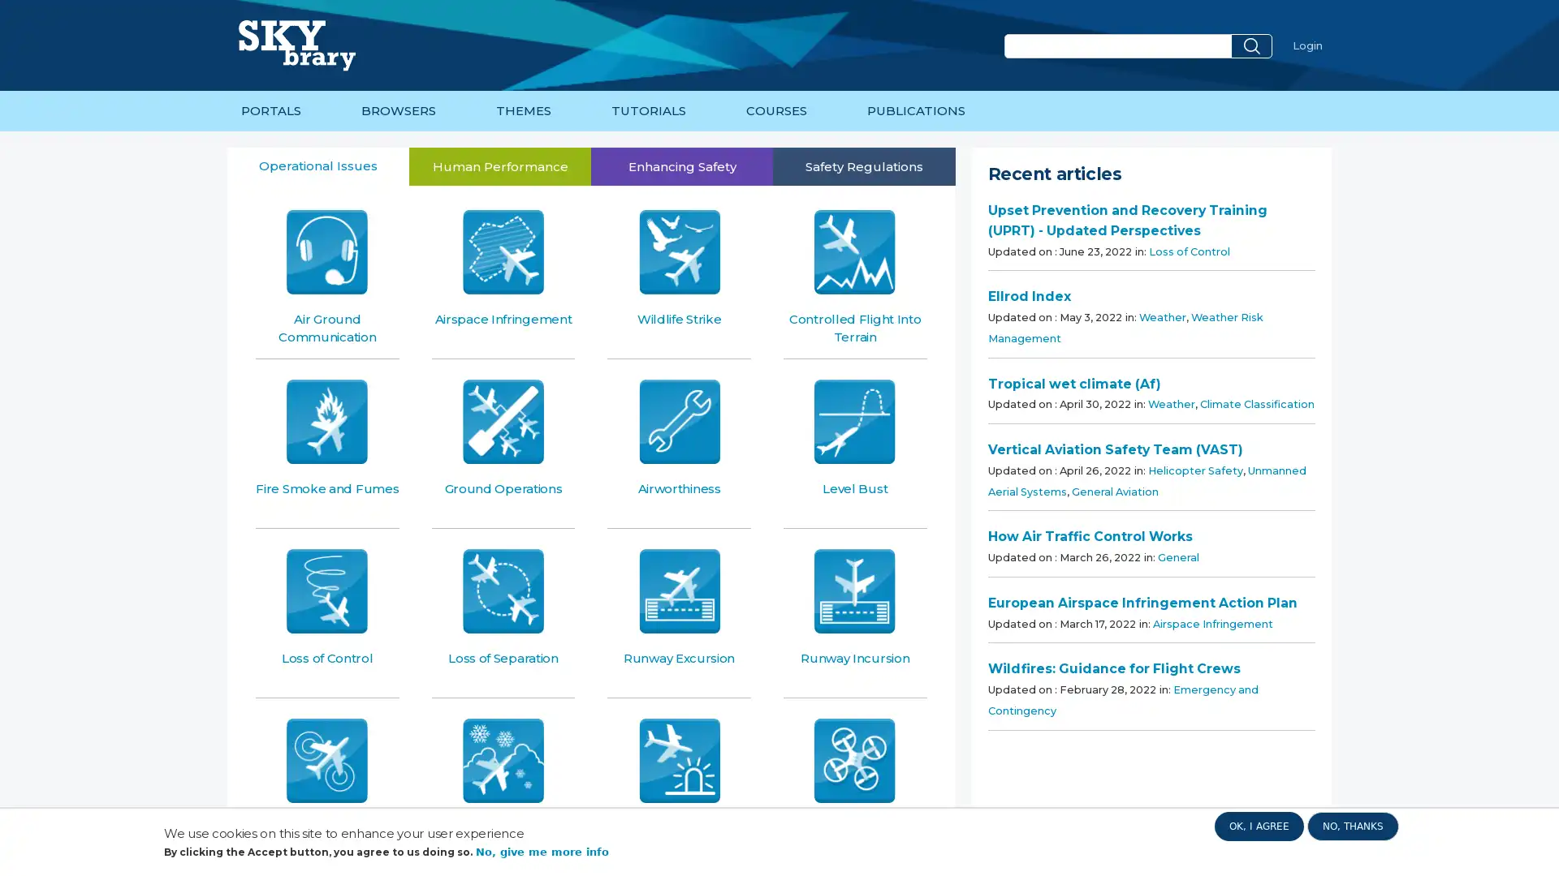 The height and width of the screenshot is (876, 1559). What do you see at coordinates (542, 851) in the screenshot?
I see `No, give me more info` at bounding box center [542, 851].